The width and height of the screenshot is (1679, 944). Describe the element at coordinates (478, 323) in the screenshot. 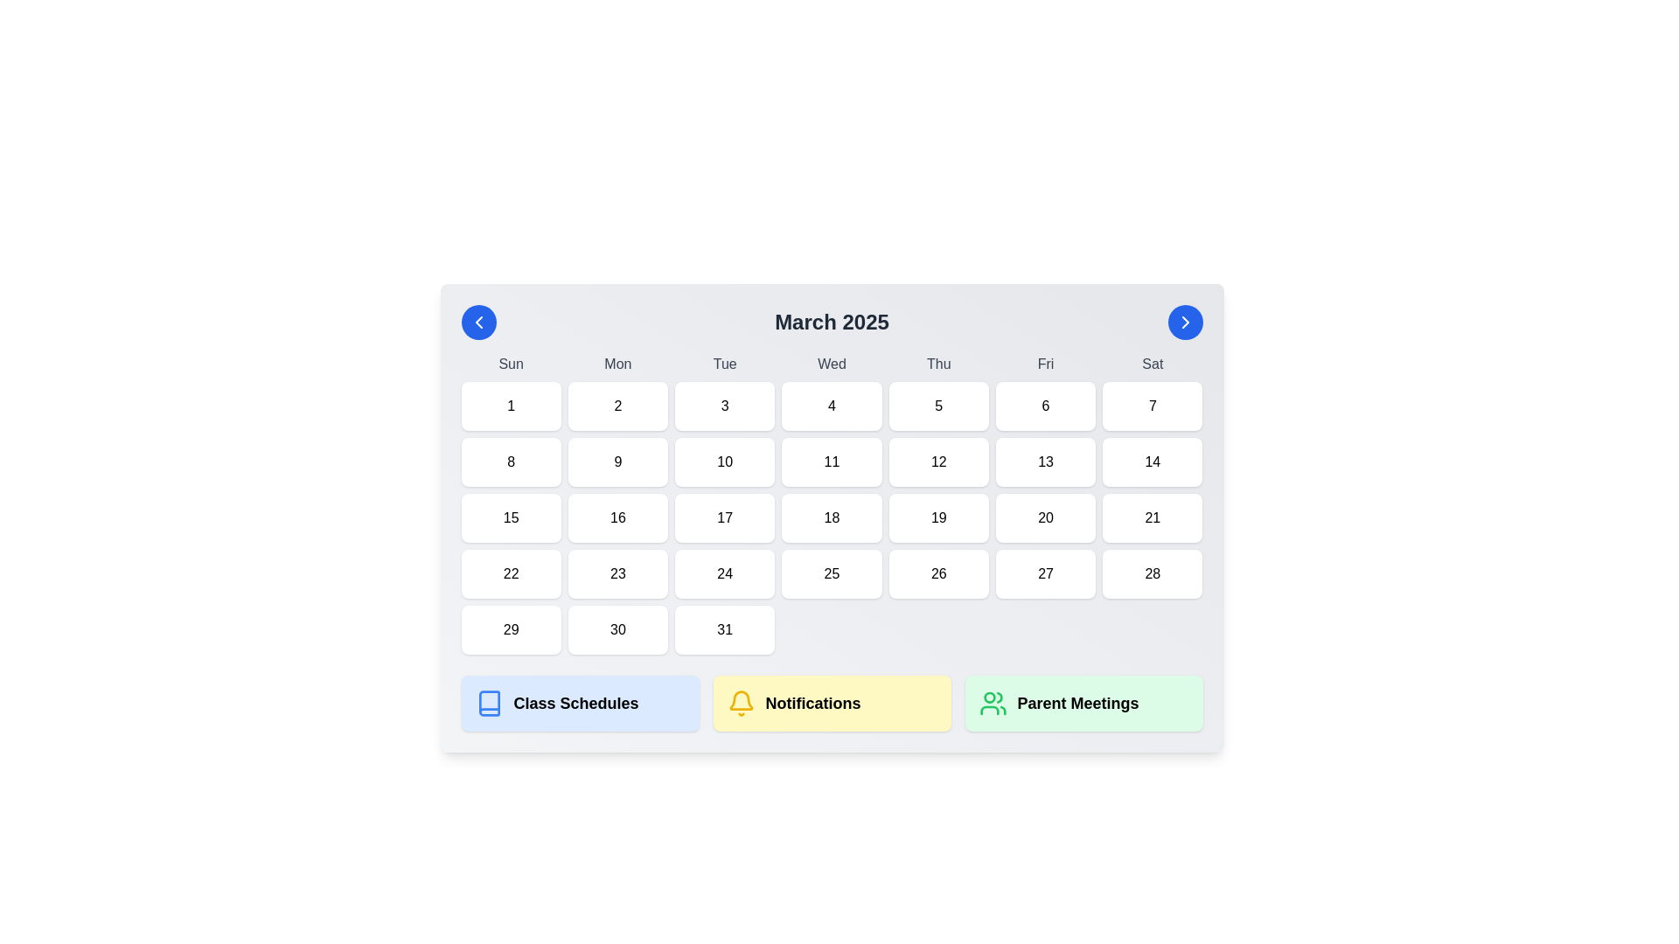

I see `the leftwards chevron icon located inside a blue circular button at the top-left corner of the calendar interface` at that location.